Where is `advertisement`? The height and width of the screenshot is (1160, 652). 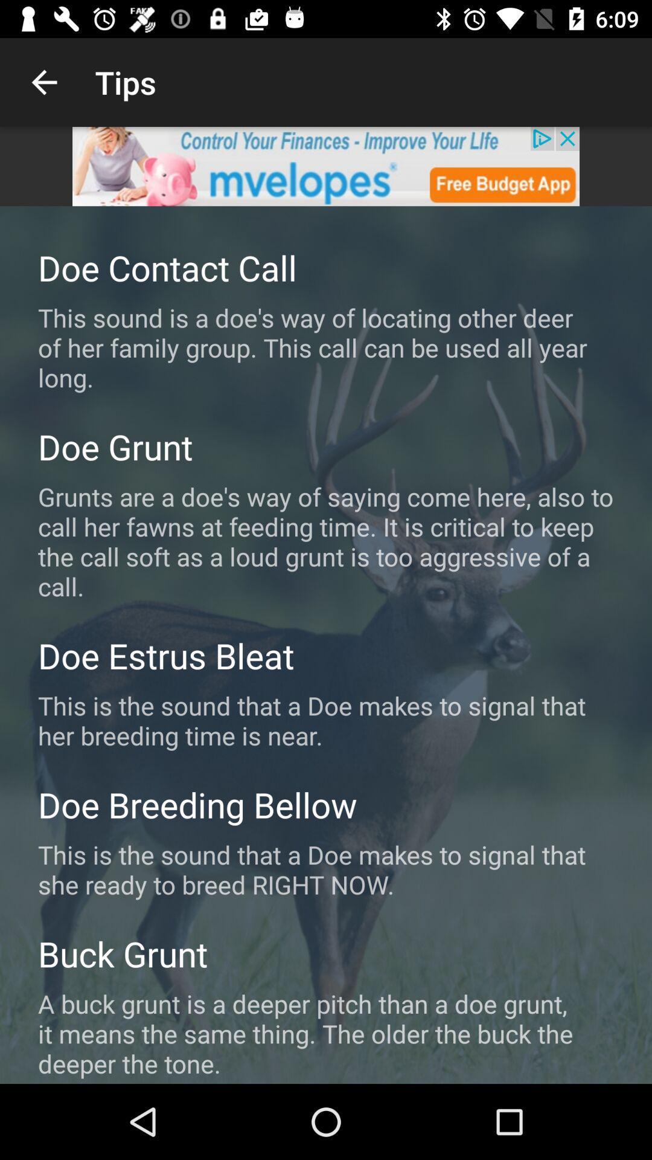
advertisement is located at coordinates (326, 166).